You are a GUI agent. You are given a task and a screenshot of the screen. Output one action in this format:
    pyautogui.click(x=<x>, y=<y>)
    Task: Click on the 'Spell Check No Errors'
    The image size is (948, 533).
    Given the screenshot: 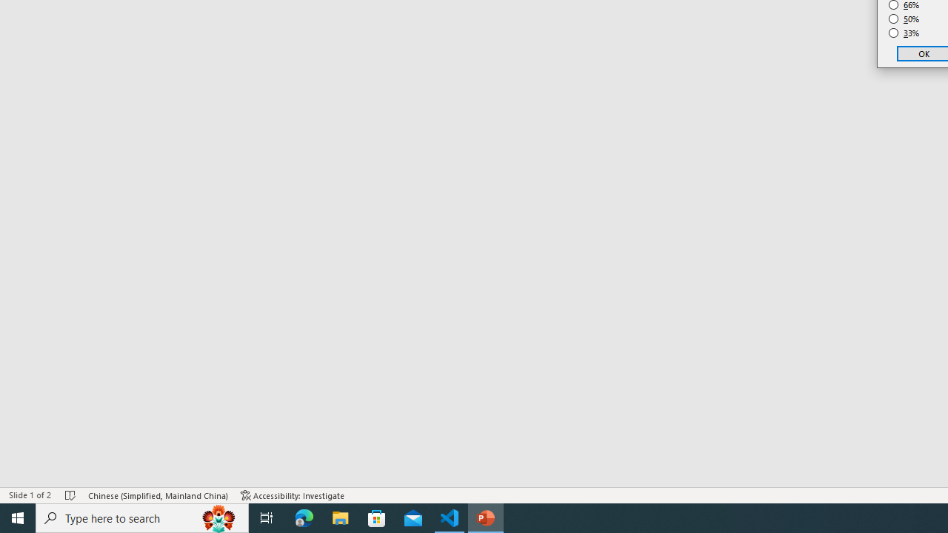 What is the action you would take?
    pyautogui.click(x=70, y=495)
    